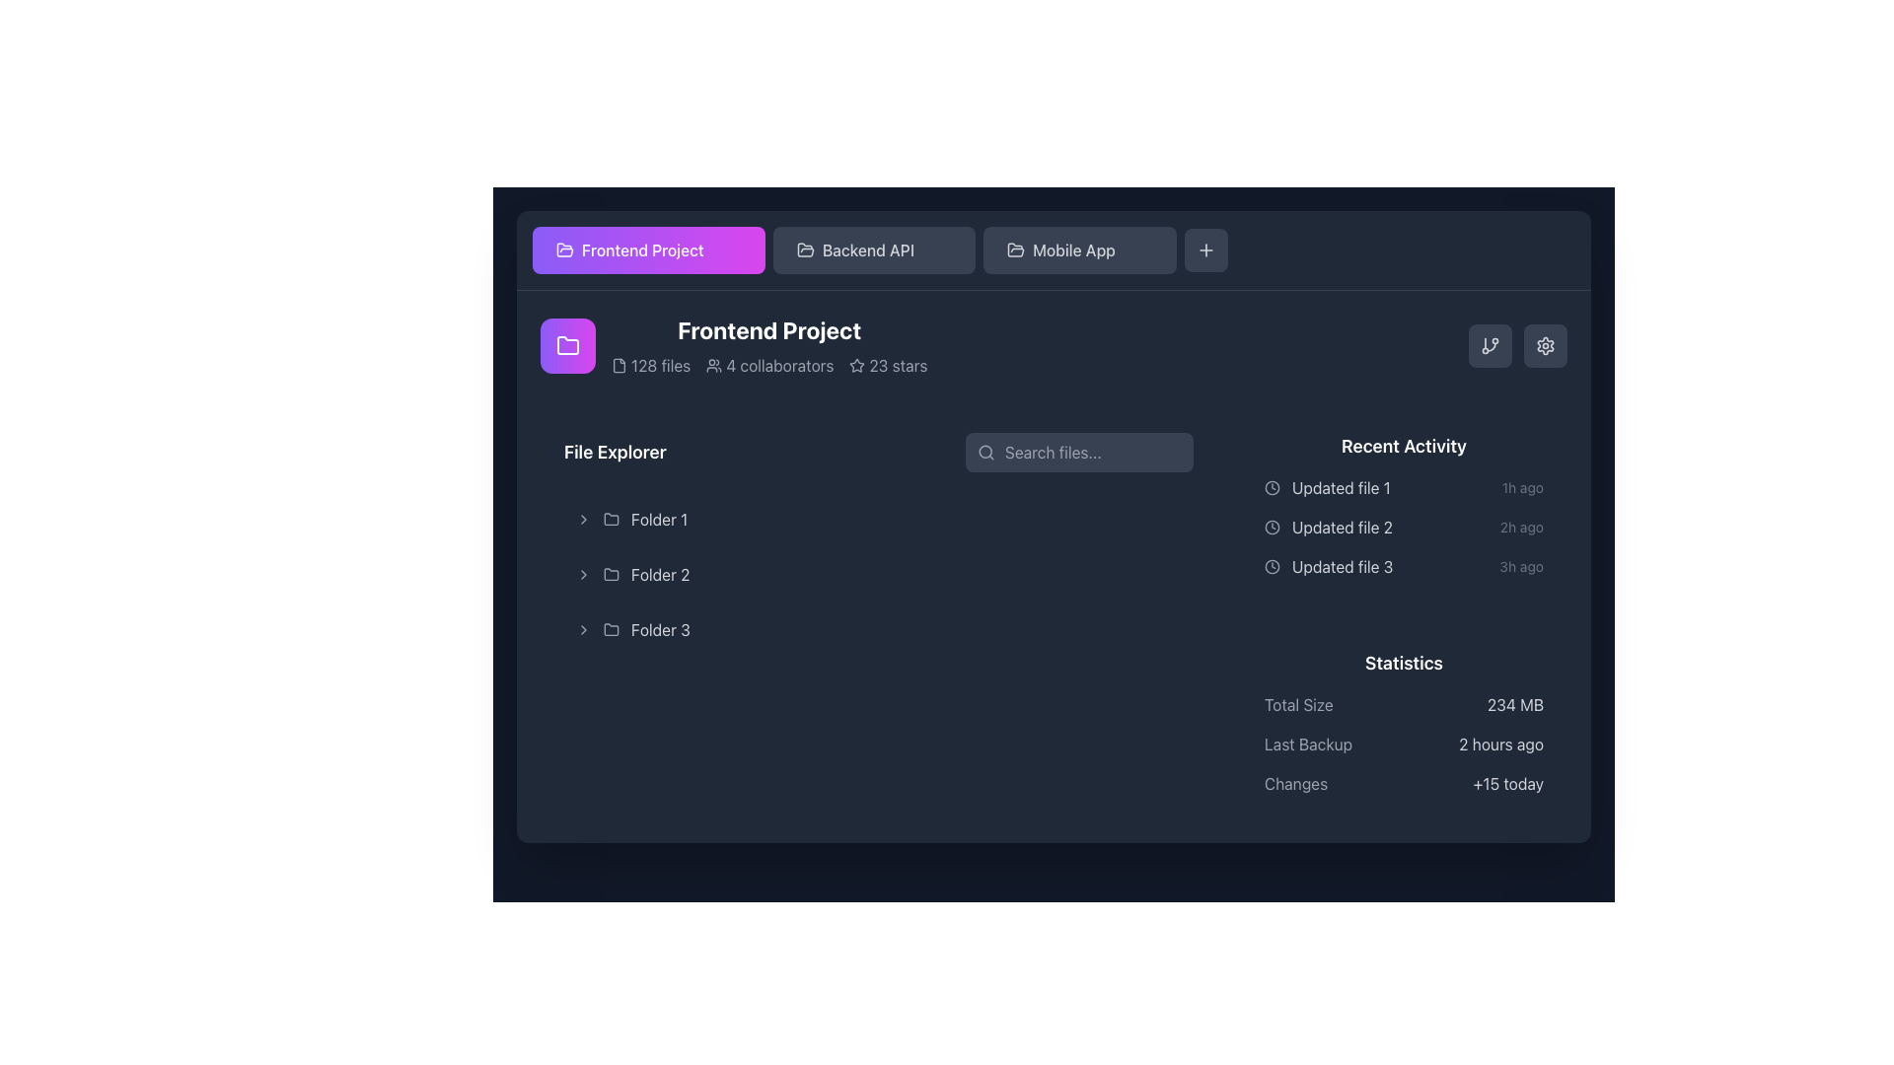  What do you see at coordinates (1078, 249) in the screenshot?
I see `the 'Mobile App' button, which is the third button in the horizontal row with a dark gray background and a folder icon` at bounding box center [1078, 249].